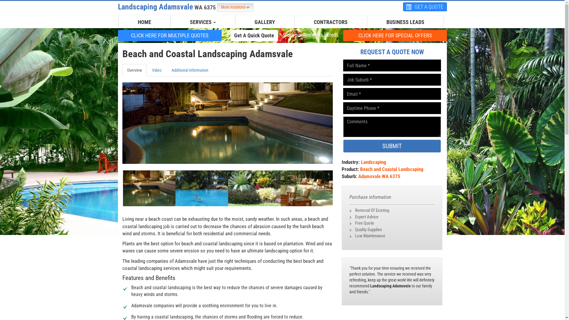 Image resolution: width=569 pixels, height=320 pixels. Describe the element at coordinates (264, 22) in the screenshot. I see `'GALLERY'` at that location.